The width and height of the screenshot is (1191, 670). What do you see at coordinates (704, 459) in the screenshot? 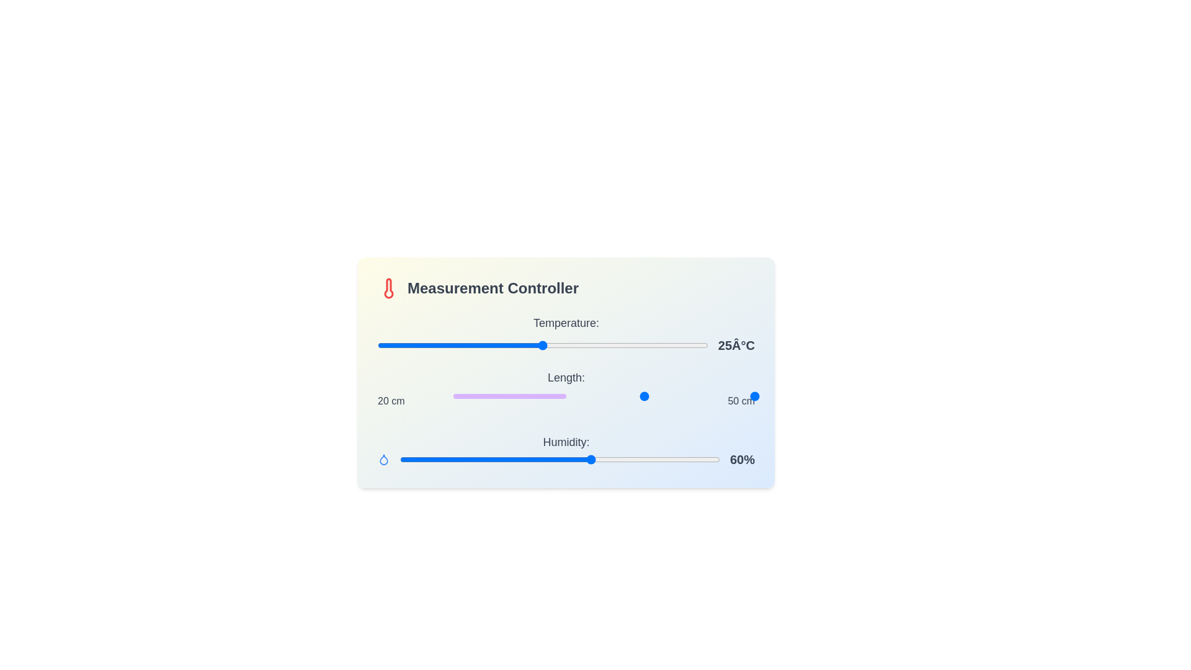
I see `the humidity level` at bounding box center [704, 459].